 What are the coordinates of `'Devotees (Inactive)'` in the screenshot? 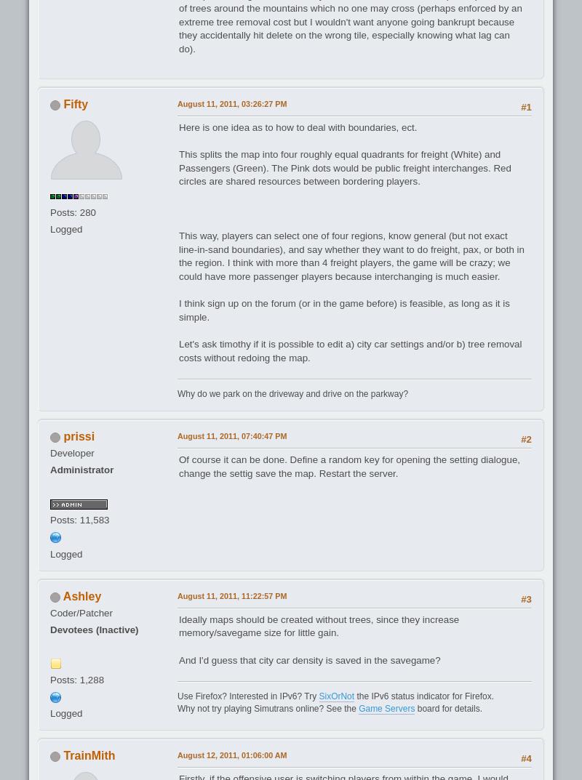 It's located at (49, 628).